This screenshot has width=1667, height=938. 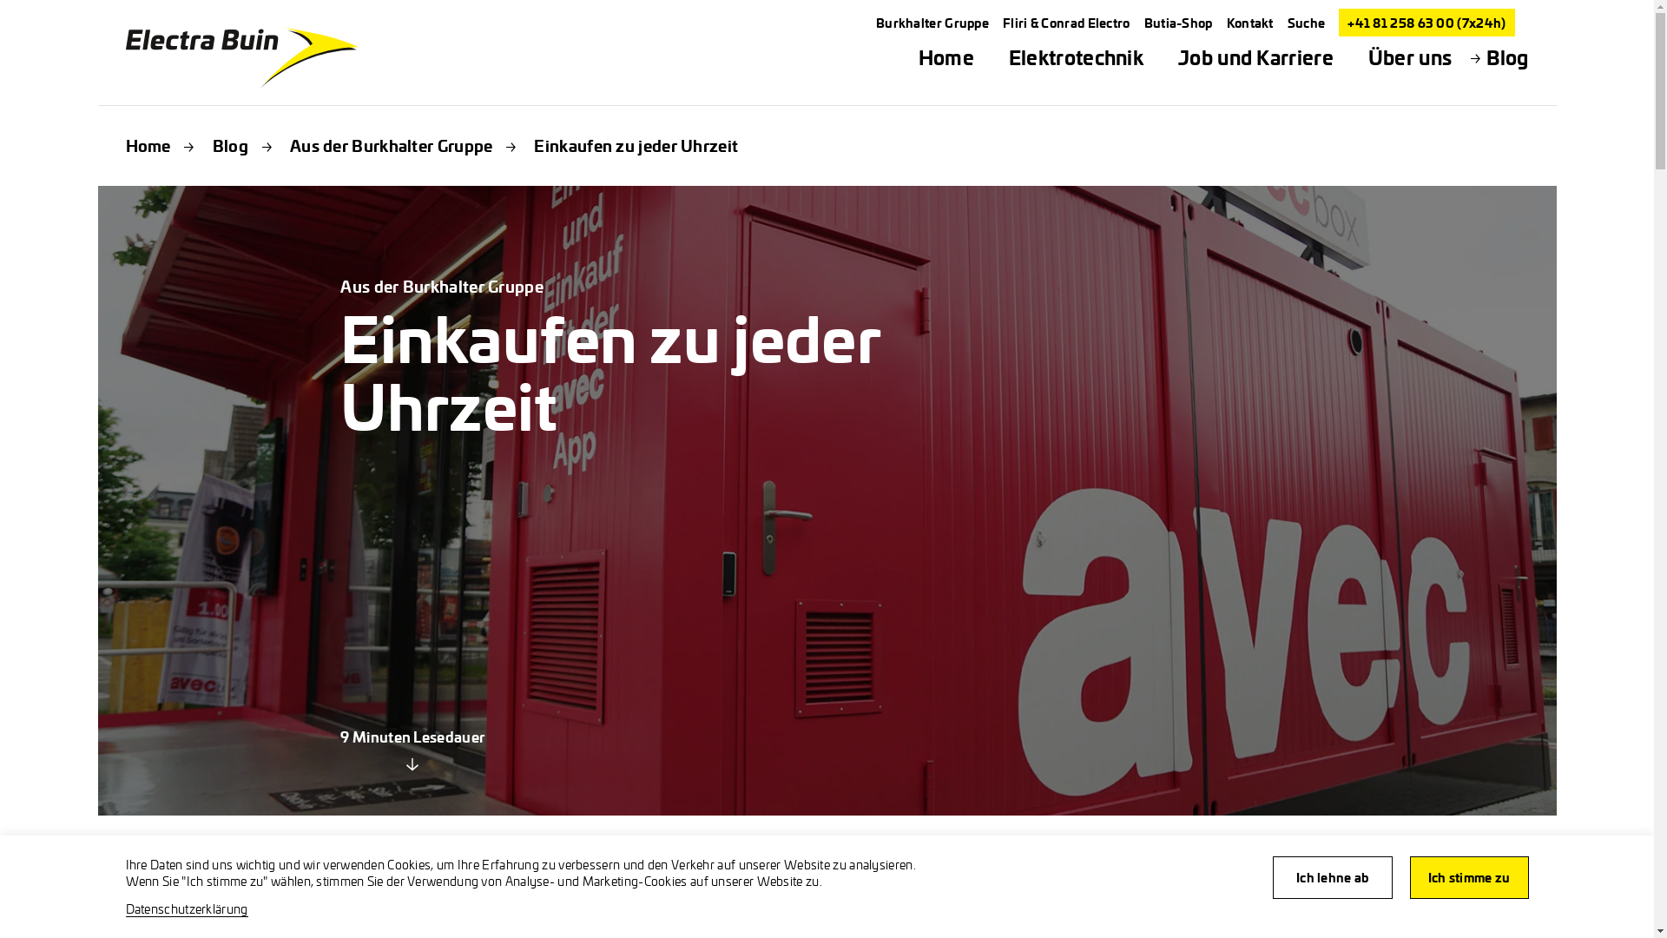 I want to click on 'Ich lehne ab', so click(x=1332, y=877).